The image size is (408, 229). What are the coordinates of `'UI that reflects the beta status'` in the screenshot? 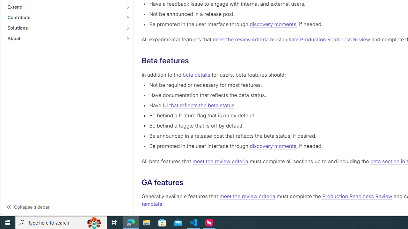 It's located at (198, 105).